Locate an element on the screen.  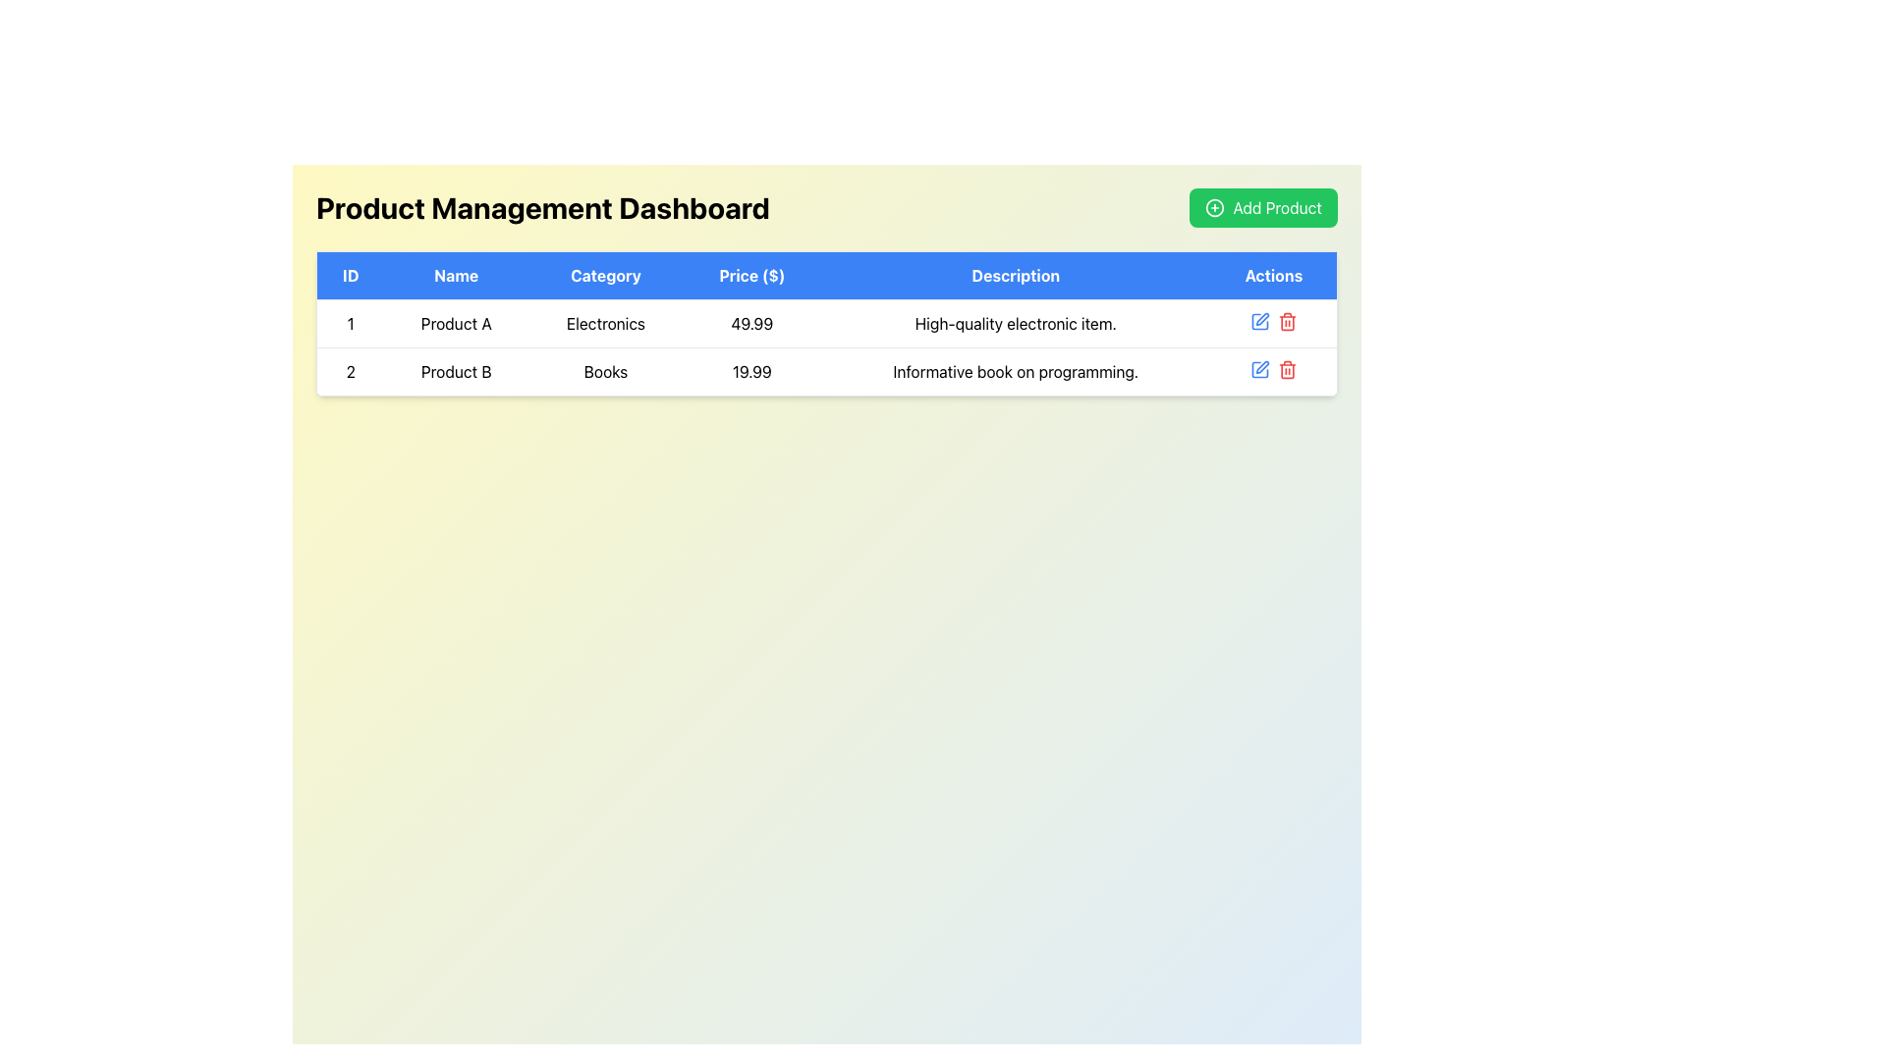
the 'Add Product' button, which has a green background and a plus sign icon, located at the far right end of the 'Product Management Dashboard' header is located at coordinates (1263, 208).